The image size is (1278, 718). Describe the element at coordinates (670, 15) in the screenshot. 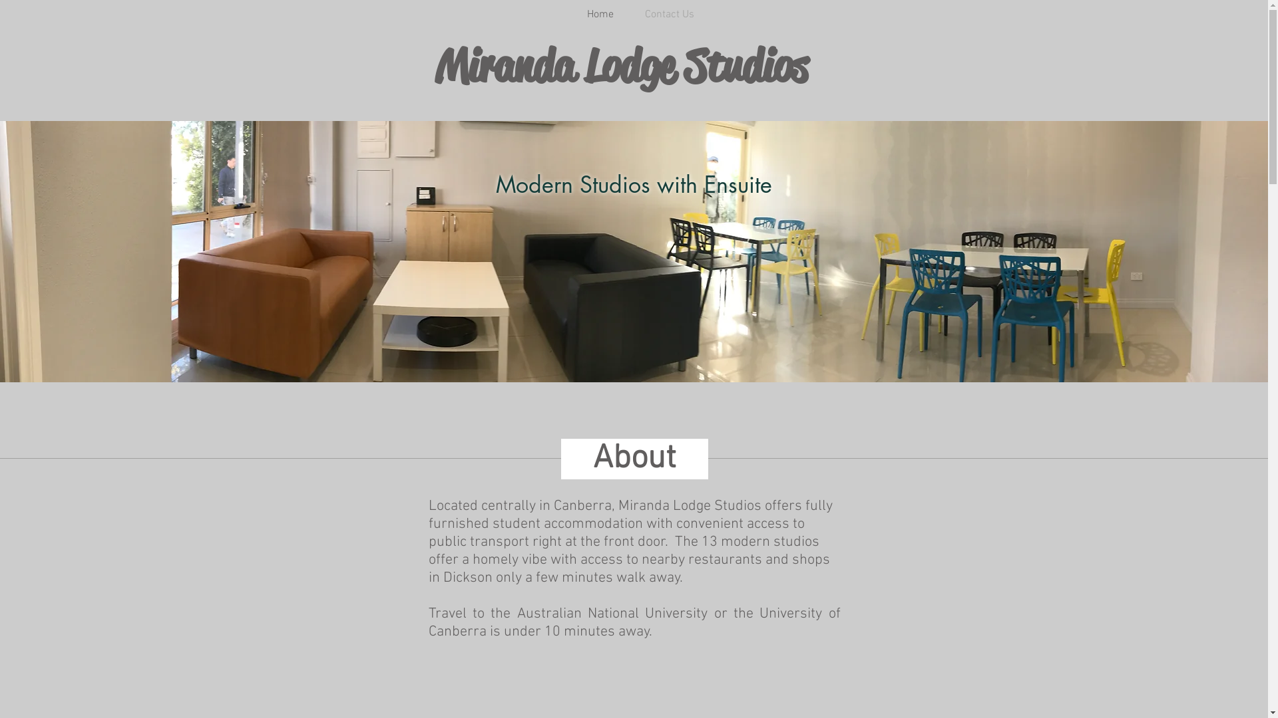

I see `'Contact Us'` at that location.